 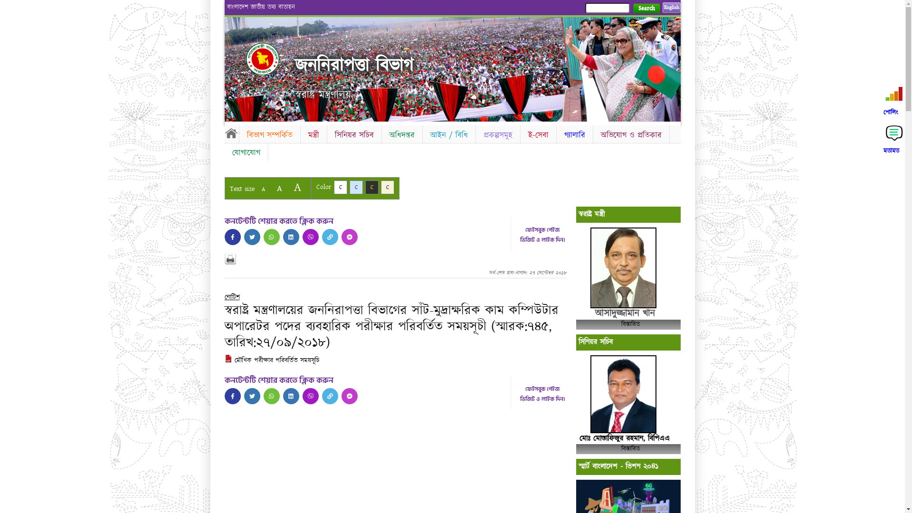 What do you see at coordinates (388, 187) in the screenshot?
I see `'C'` at bounding box center [388, 187].